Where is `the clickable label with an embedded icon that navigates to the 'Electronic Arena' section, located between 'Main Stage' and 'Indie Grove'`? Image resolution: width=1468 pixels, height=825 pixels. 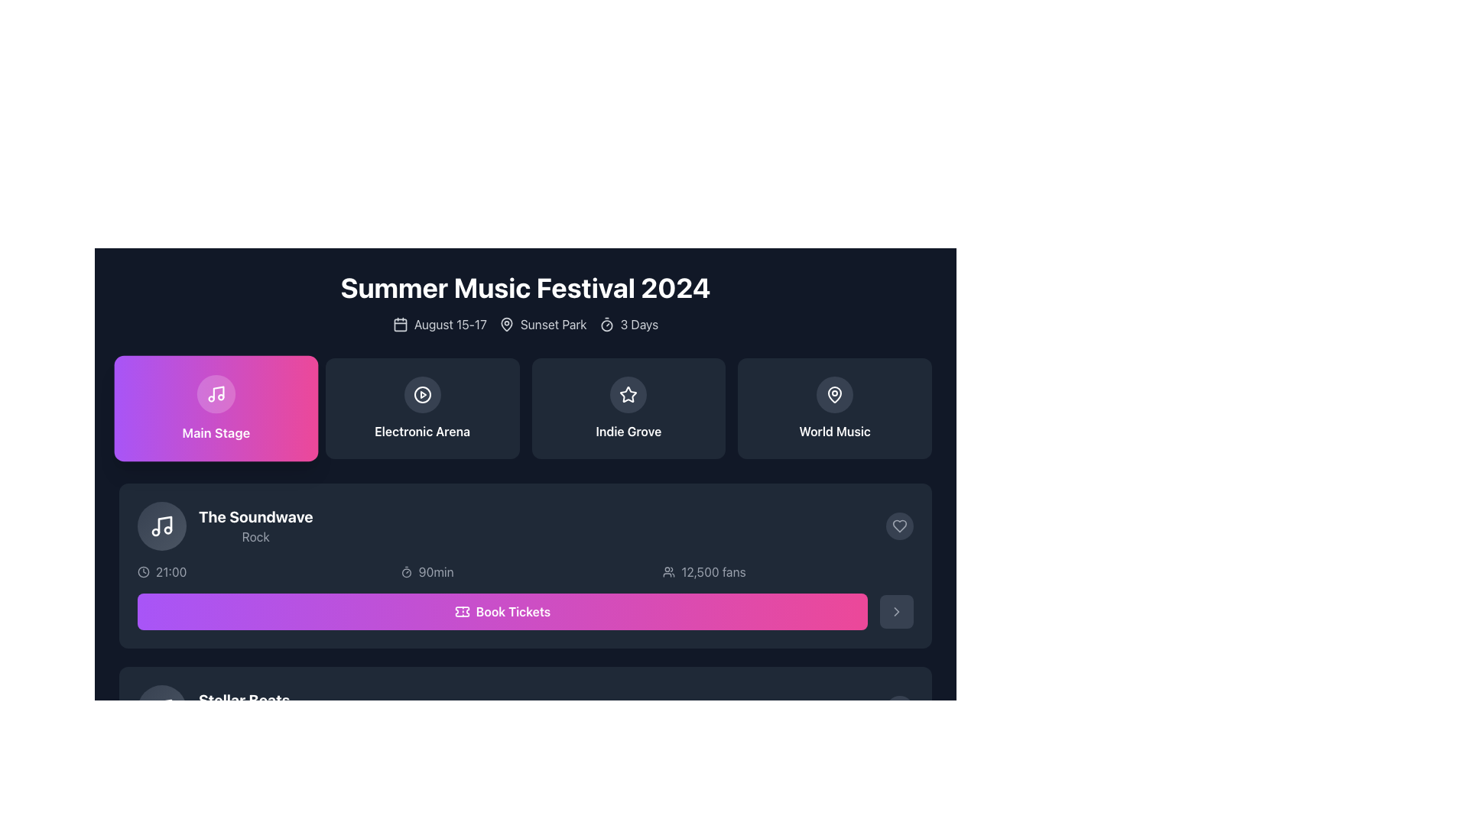
the clickable label with an embedded icon that navigates to the 'Electronic Arena' section, located between 'Main Stage' and 'Indie Grove' is located at coordinates (422, 408).